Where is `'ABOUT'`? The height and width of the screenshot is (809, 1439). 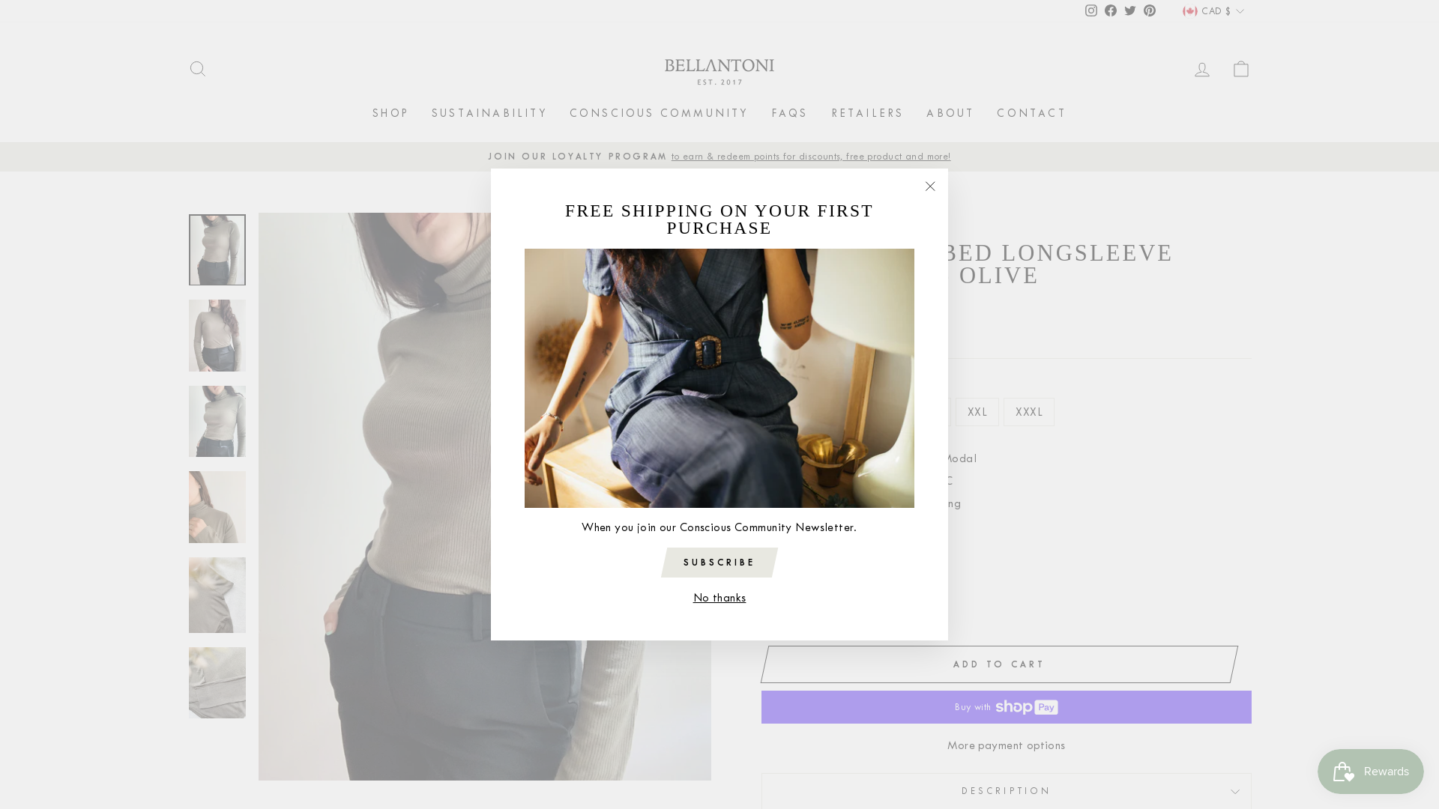
'ABOUT' is located at coordinates (949, 112).